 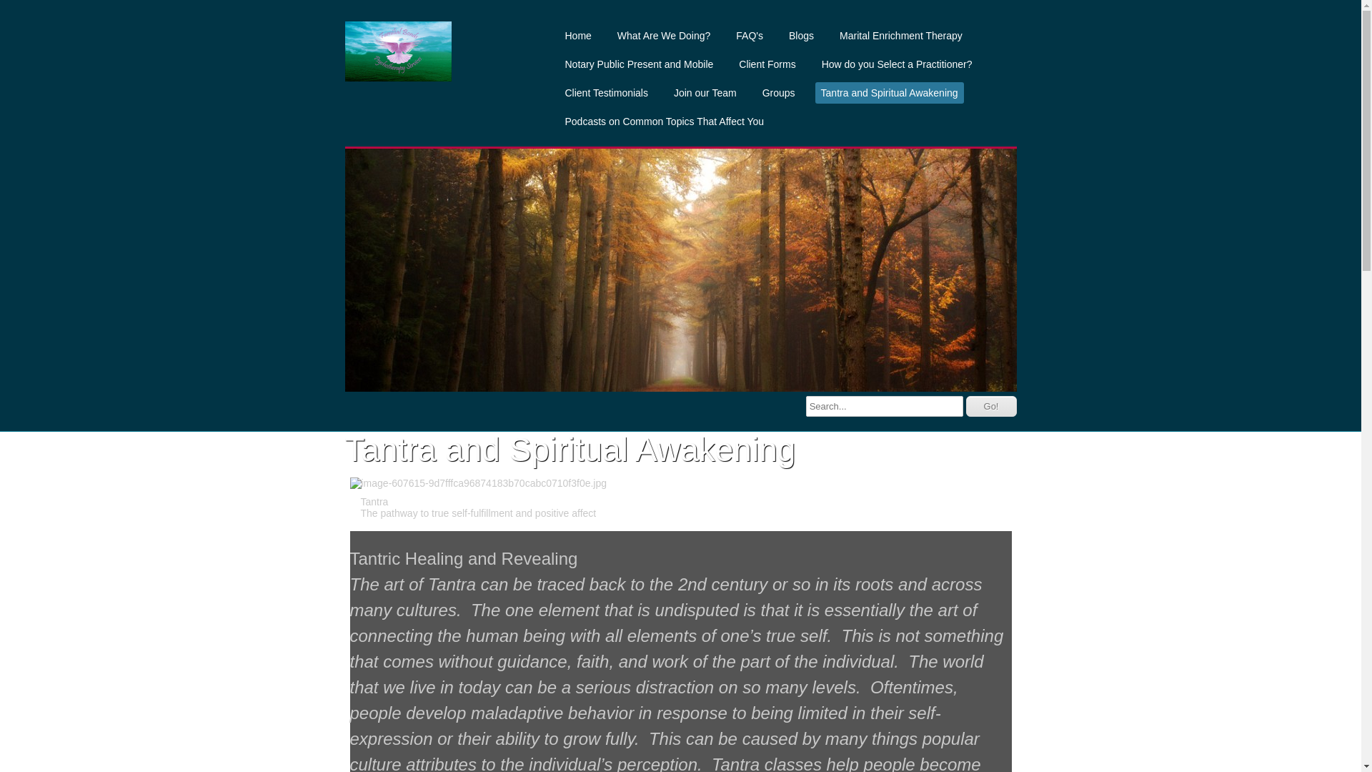 What do you see at coordinates (990, 406) in the screenshot?
I see `'Go!'` at bounding box center [990, 406].